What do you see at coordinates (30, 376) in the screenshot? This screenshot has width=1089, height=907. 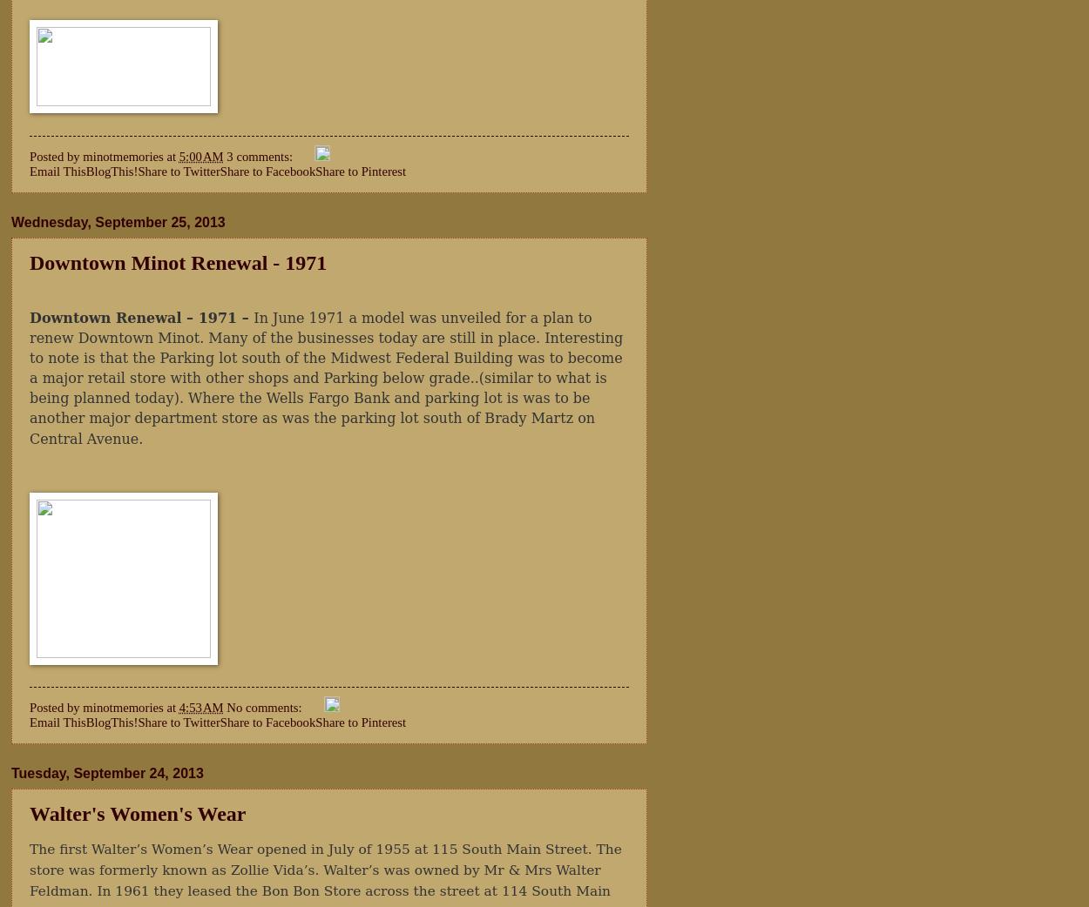 I see `'In June 1971 a model was unveiled for a plan to
renew Downtown Minot. Many of the businesses today are still in place.
Interesting to note is that the Parking lot south of the Midwest Federal
Building was to become a major retail store with other shops and Parking below
grade..(similar to what is being planned today). Where the Wells Fargo Bank and
parking lot is was to be another major department store as was the parking lot
south of Brady Martz on Central Avenue.'` at bounding box center [30, 376].